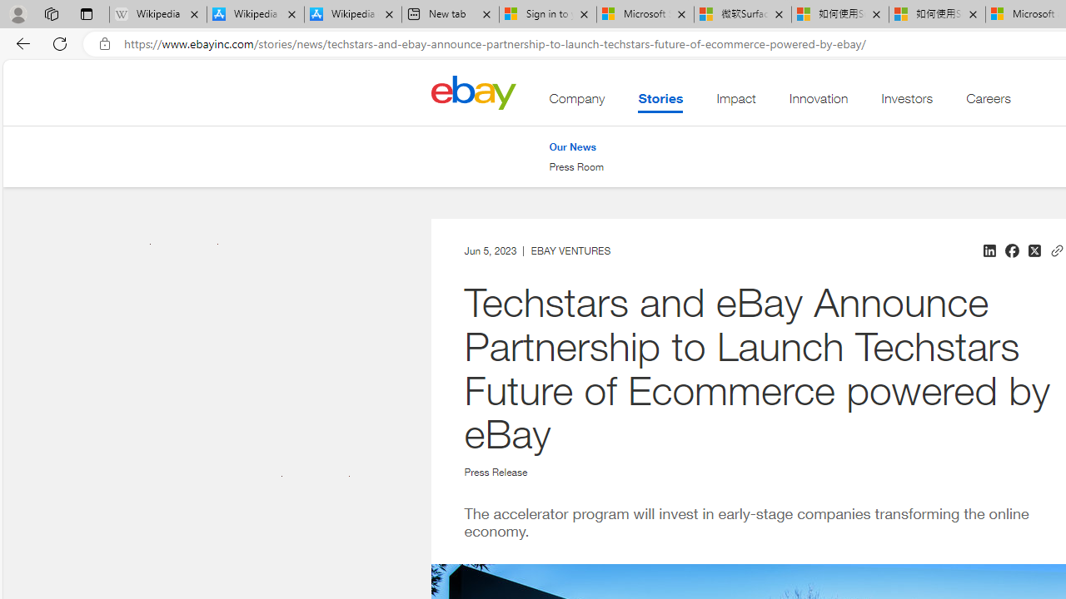 The height and width of the screenshot is (599, 1066). I want to click on 'Our News', so click(572, 146).